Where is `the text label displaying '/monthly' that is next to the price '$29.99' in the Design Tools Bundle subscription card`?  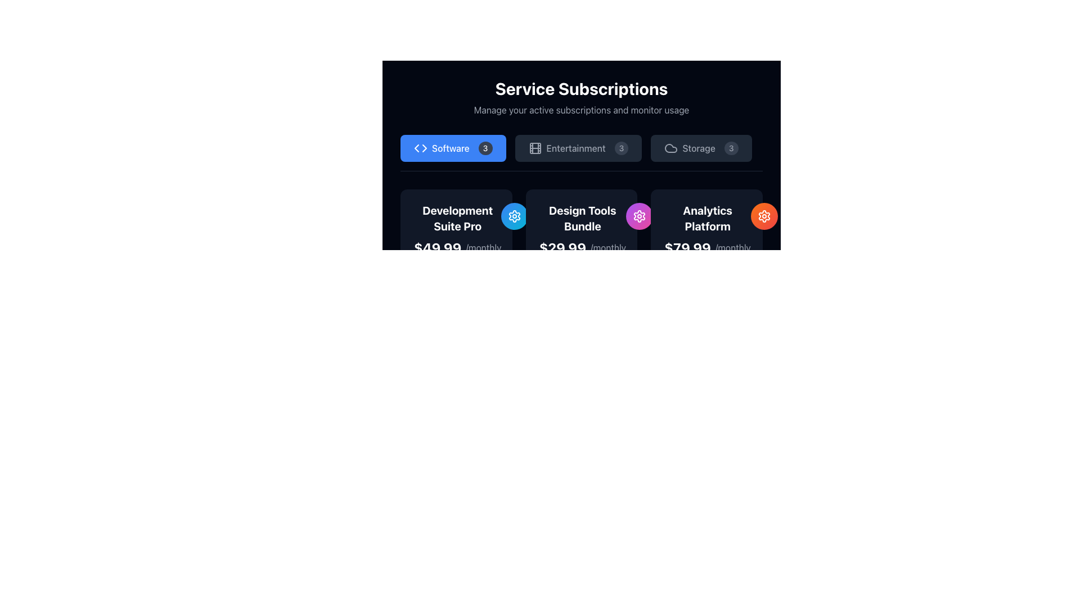
the text label displaying '/monthly' that is next to the price '$29.99' in the Design Tools Bundle subscription card is located at coordinates (607, 247).